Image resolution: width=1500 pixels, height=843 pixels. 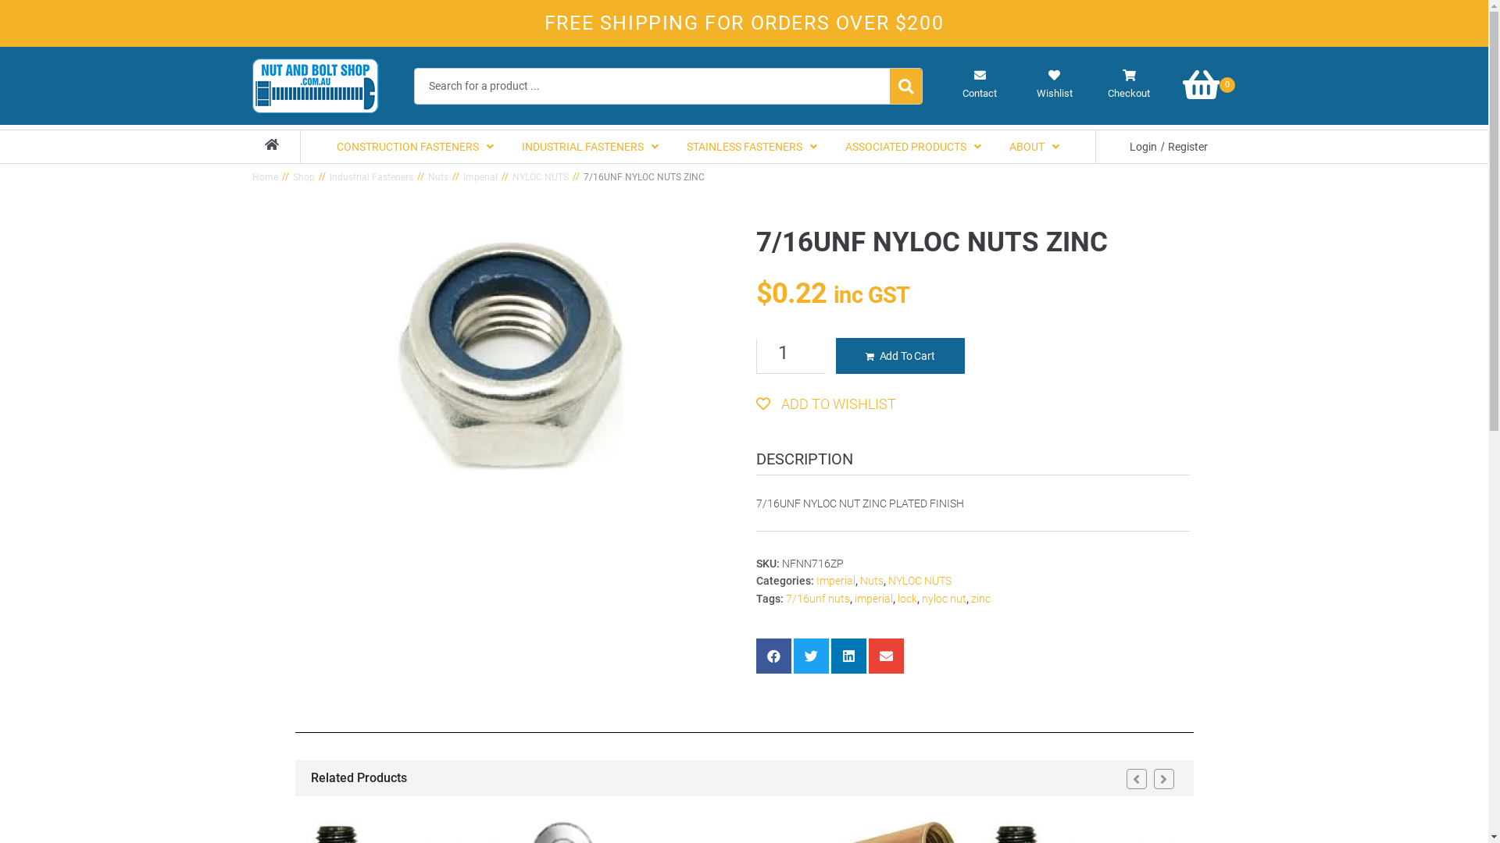 What do you see at coordinates (943, 598) in the screenshot?
I see `'nyloc nut'` at bounding box center [943, 598].